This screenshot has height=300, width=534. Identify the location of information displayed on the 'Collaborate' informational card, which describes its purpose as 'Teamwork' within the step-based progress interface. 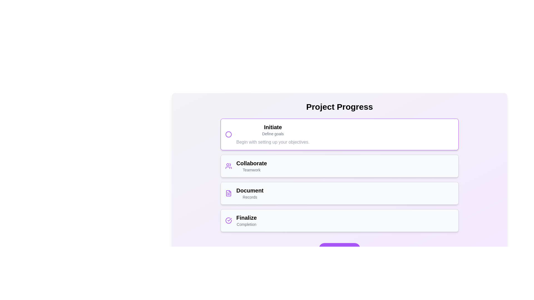
(339, 177).